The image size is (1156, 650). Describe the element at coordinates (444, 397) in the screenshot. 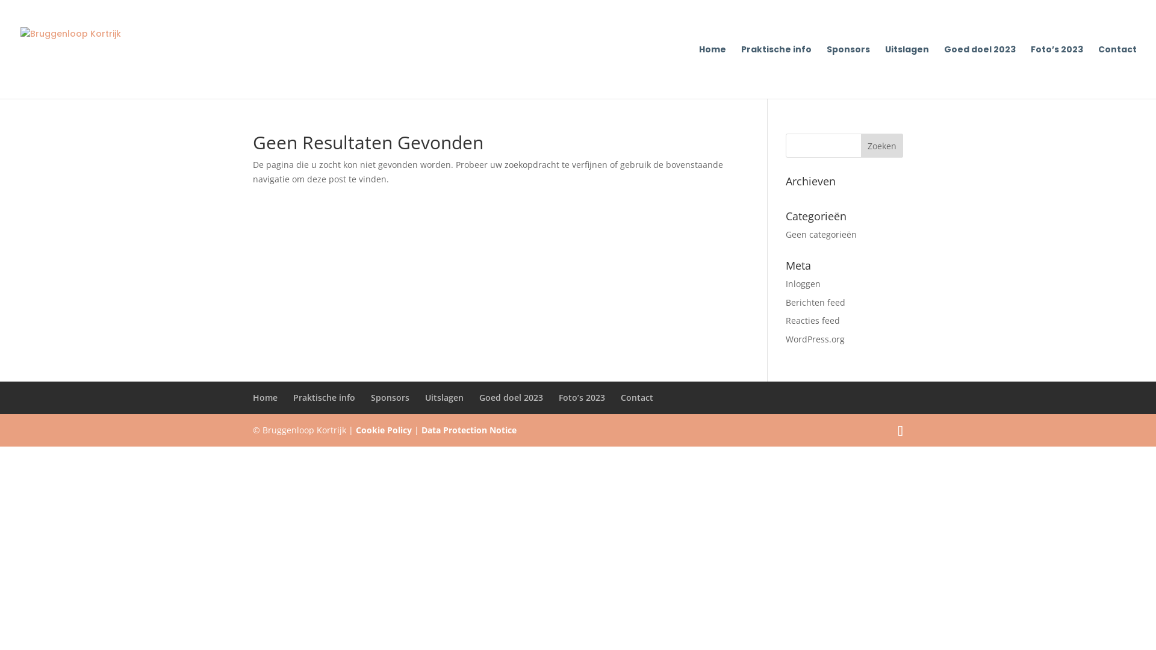

I see `'Uitslagen'` at that location.